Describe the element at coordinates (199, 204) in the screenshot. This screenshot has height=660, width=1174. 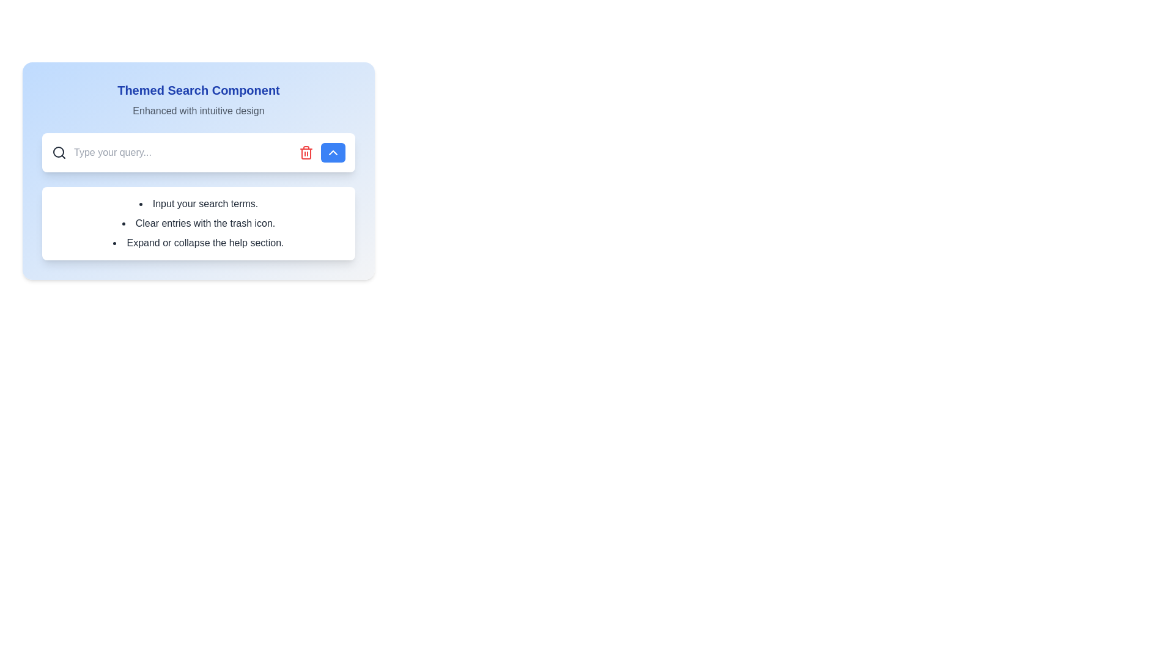
I see `the text label that says 'Input your search terms.' which is the first item in a bulleted list located near the bottom center of the interface, below the search bar` at that location.